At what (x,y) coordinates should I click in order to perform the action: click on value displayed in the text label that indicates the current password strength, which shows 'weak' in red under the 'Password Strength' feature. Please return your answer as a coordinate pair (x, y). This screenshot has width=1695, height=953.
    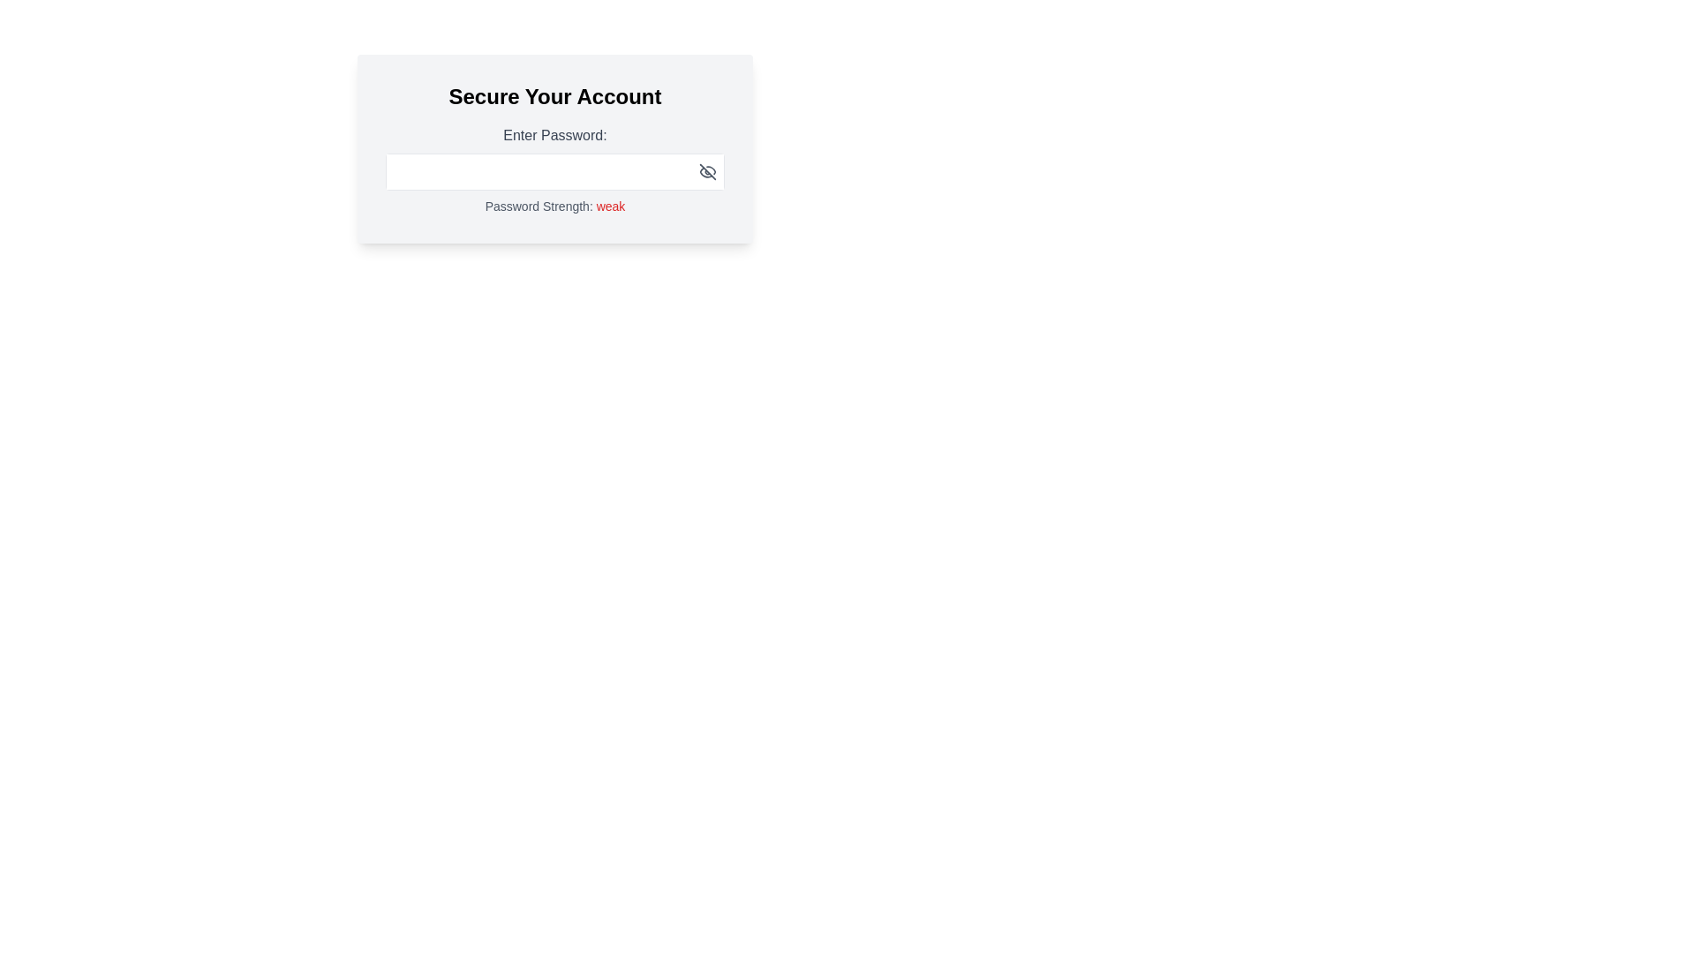
    Looking at the image, I should click on (610, 206).